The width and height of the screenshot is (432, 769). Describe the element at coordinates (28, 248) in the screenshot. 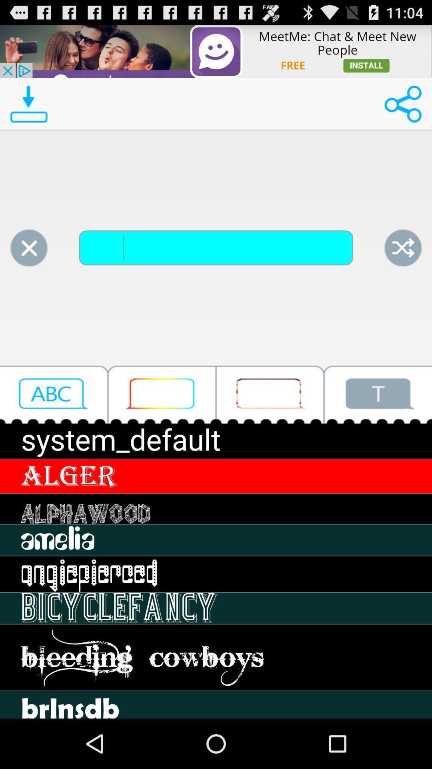

I see `cancel option` at that location.